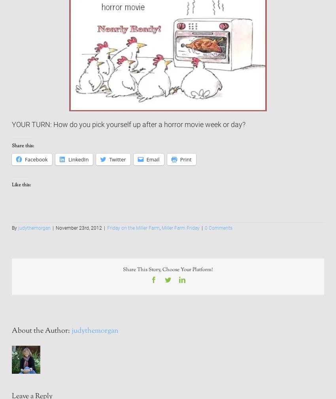  Describe the element at coordinates (41, 330) in the screenshot. I see `'About the Author:'` at that location.